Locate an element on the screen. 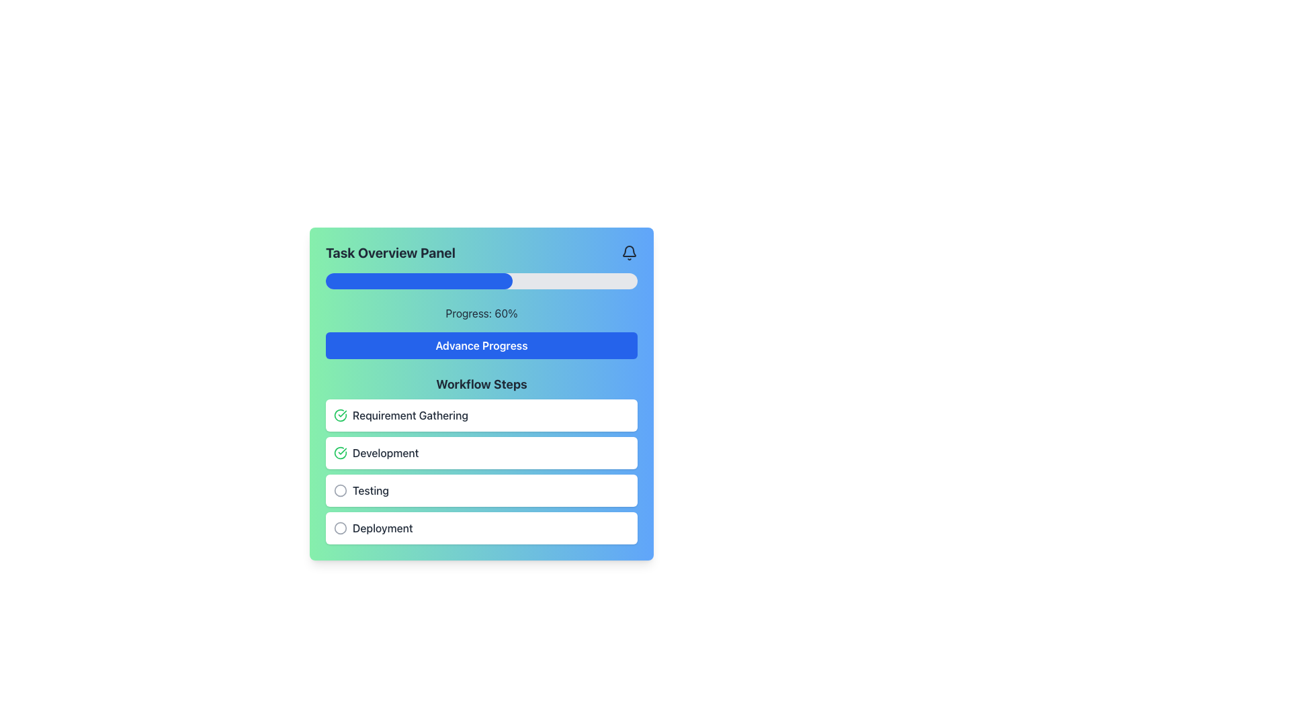 The image size is (1290, 725). the 'Testing' step card in the 'Workflow Steps' section is located at coordinates (481, 491).